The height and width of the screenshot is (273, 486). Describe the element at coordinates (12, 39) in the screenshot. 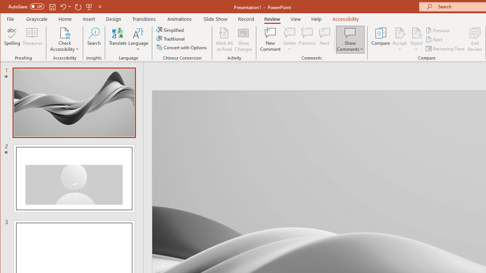

I see `'Spelling...'` at that location.